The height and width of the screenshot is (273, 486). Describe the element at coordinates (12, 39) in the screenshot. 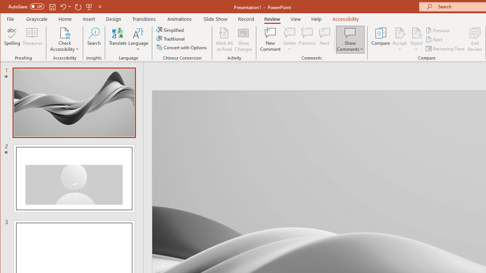

I see `'Spelling...'` at that location.